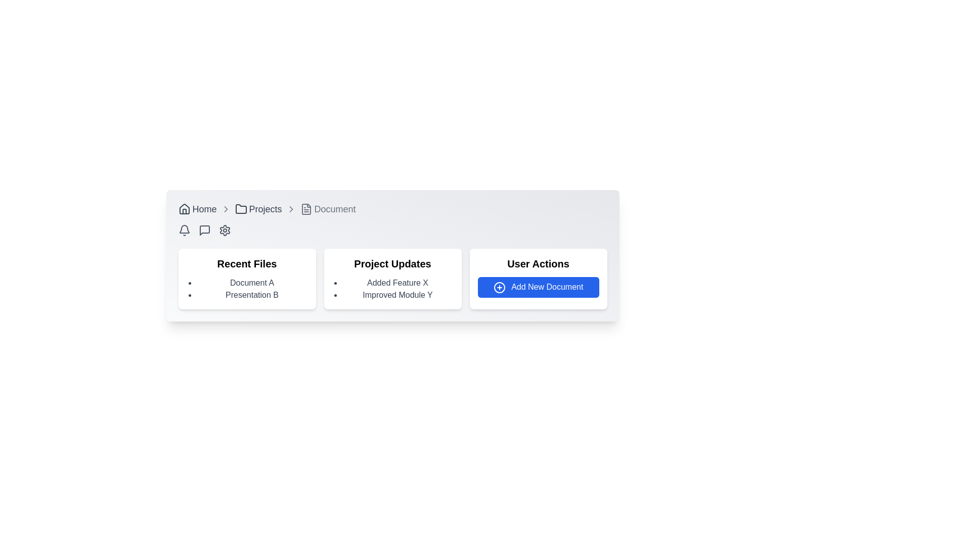 This screenshot has height=546, width=971. What do you see at coordinates (305, 208) in the screenshot?
I see `the document file icon located in the breadcrumb navigation bar, adjacent to the 'Document' label` at bounding box center [305, 208].